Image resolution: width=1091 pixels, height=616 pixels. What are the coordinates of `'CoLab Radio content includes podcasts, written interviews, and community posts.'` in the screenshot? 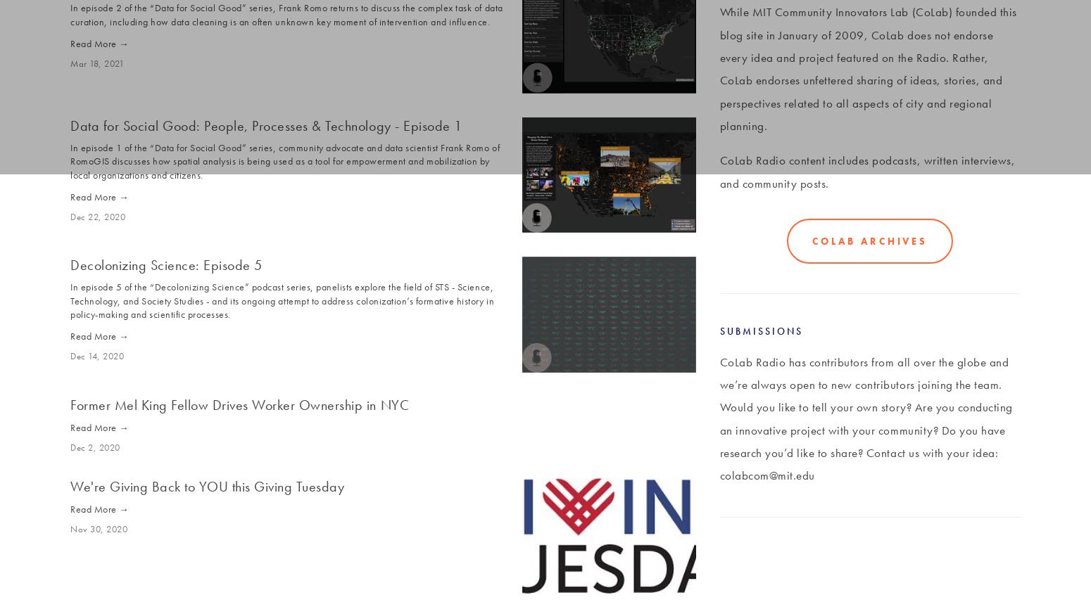 It's located at (868, 170).